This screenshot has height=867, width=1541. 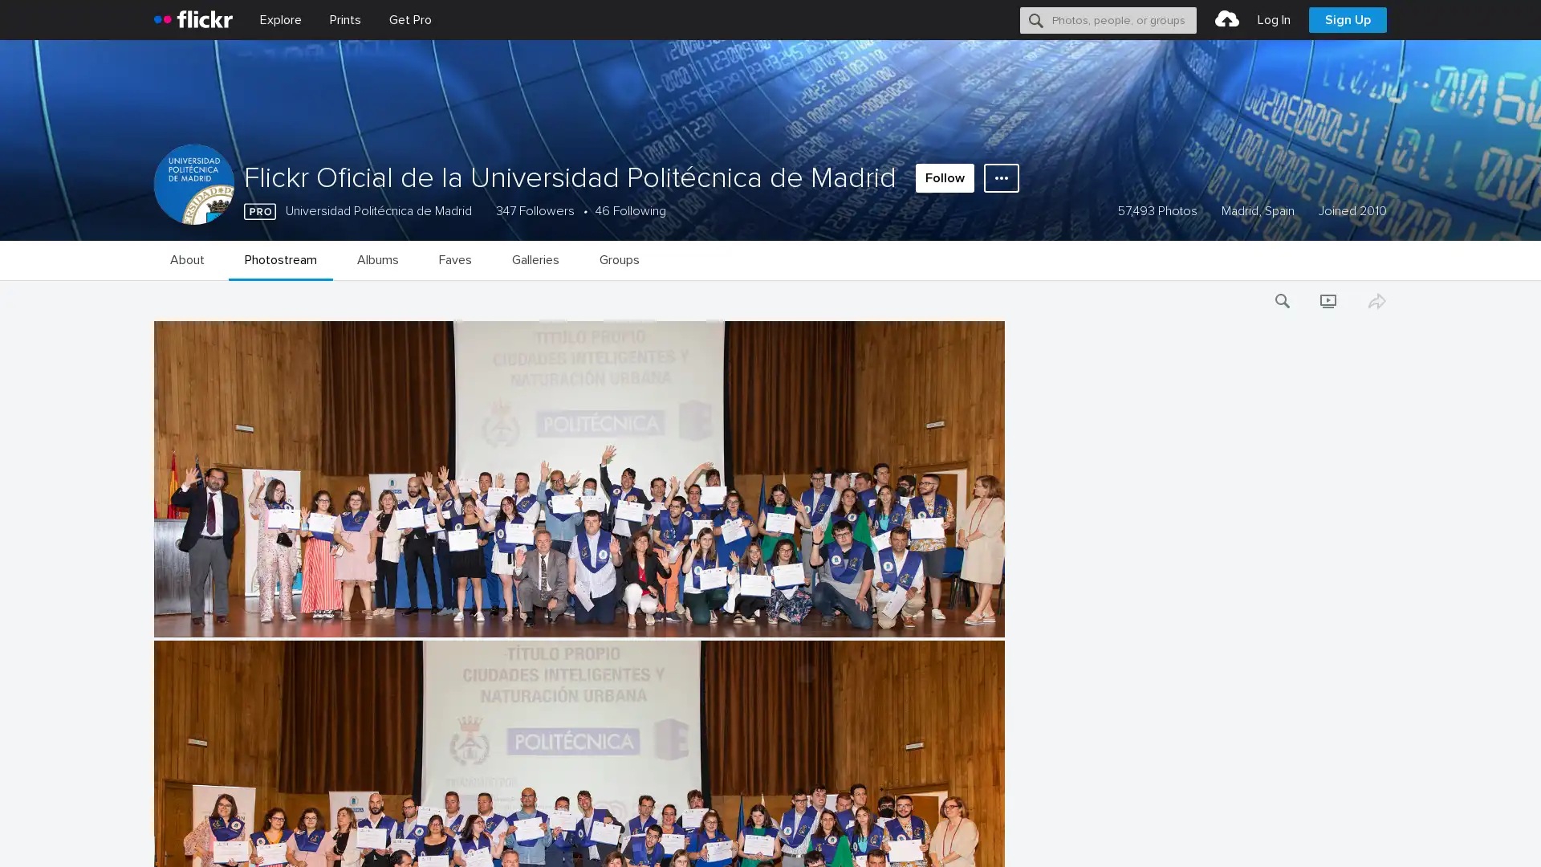 What do you see at coordinates (154, 830) in the screenshot?
I see `Add to Favorites` at bounding box center [154, 830].